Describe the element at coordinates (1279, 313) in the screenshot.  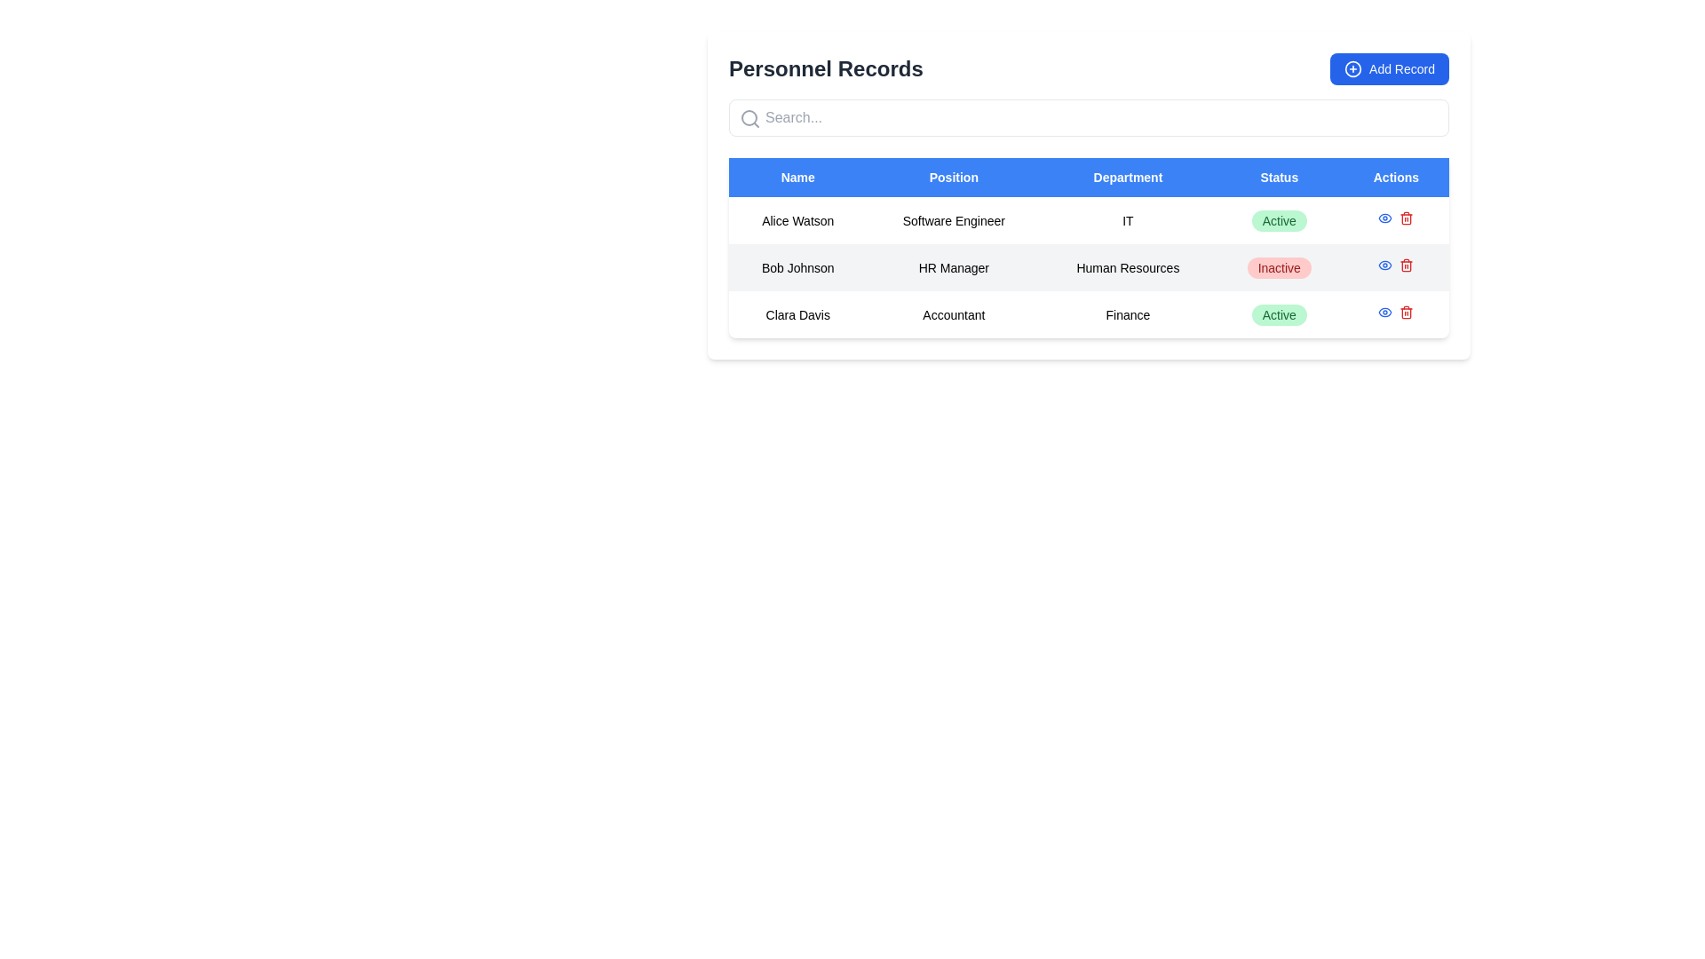
I see `the pill-shaped label with the text 'Active', which has a green background and is located in the 'Status' column of the last row in the 'Personnel Records' table` at that location.